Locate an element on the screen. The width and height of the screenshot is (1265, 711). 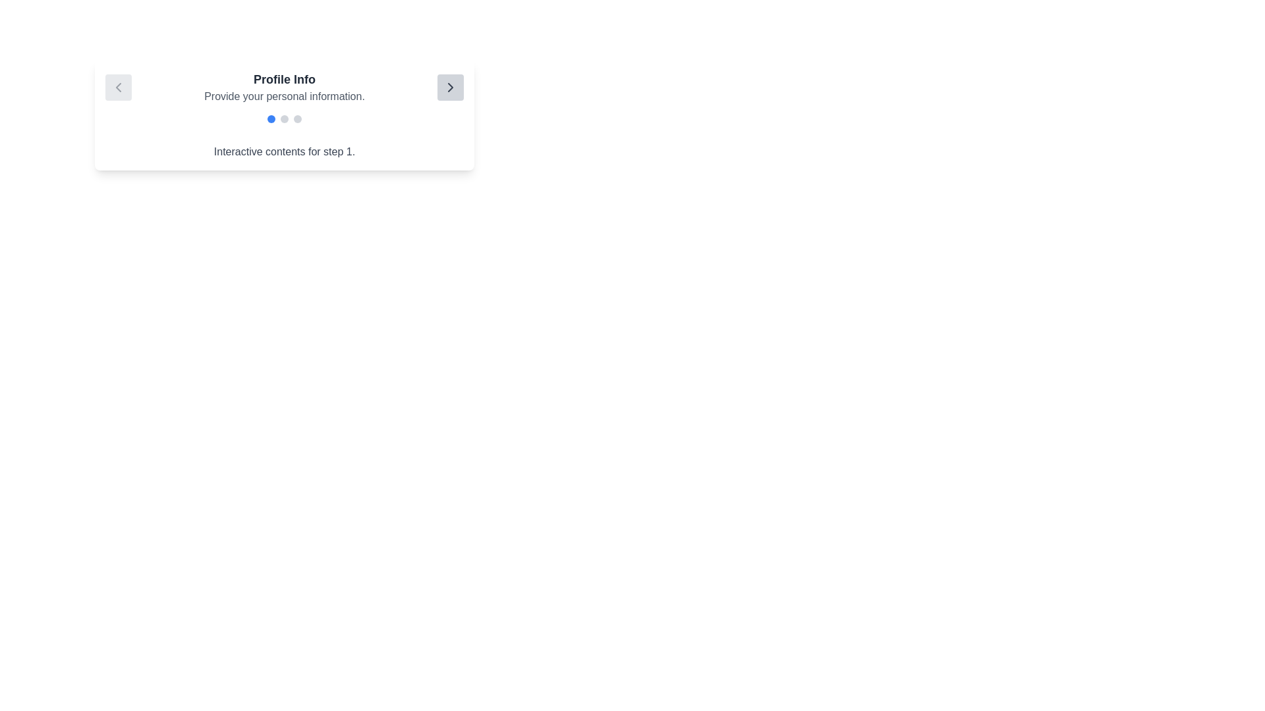
the small circular gray button in the step indicator component is located at coordinates (284, 119).